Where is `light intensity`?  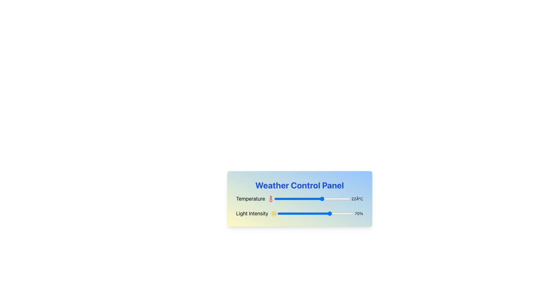 light intensity is located at coordinates (310, 213).